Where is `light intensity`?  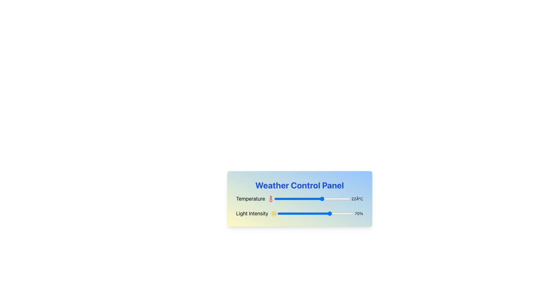 light intensity is located at coordinates (310, 213).